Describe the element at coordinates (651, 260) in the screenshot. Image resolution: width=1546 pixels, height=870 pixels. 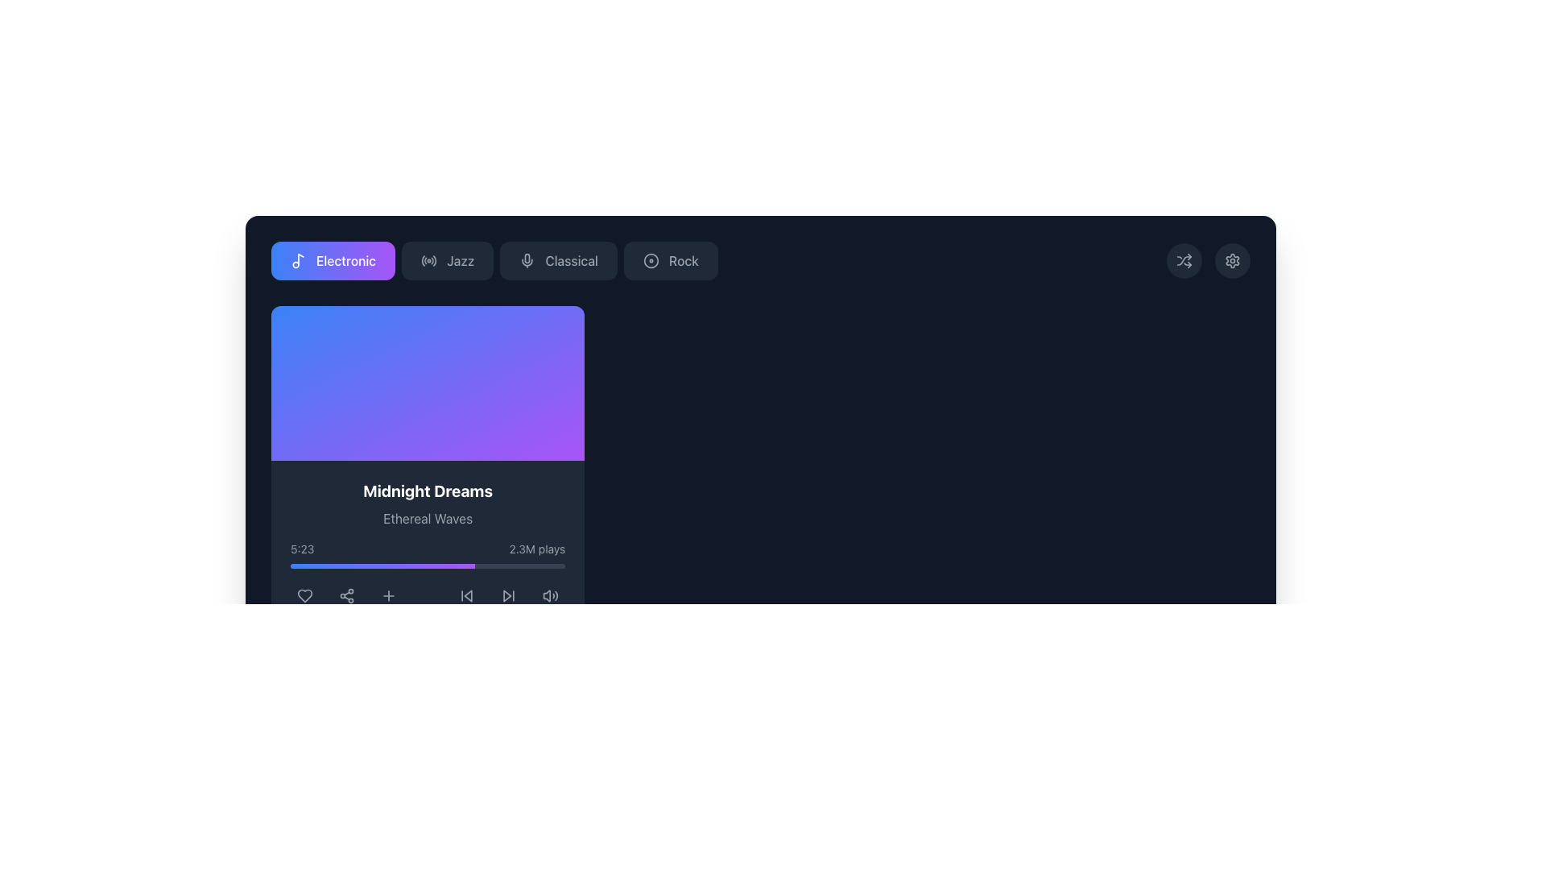
I see `the decorative disc icon associated with the 'Rock' genre button, which is located to the left of the text 'Rock' in the top right section of the button row` at that location.